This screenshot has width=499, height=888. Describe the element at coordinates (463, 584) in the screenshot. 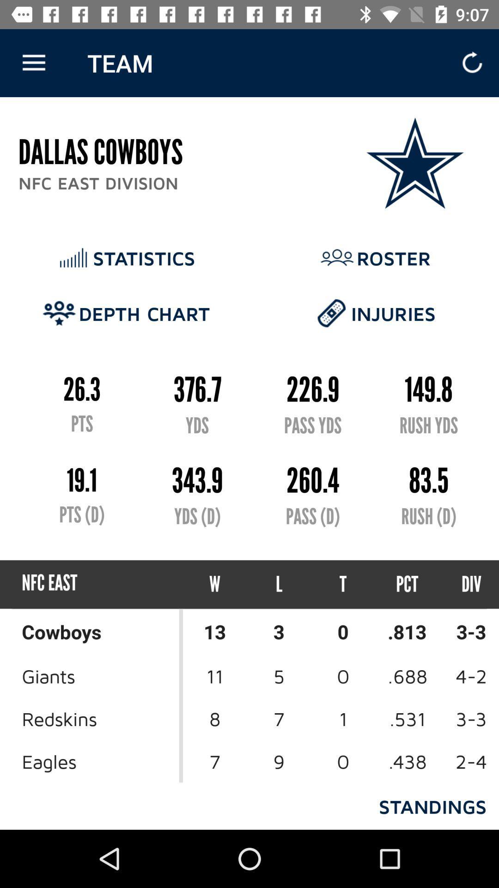

I see `item next to pct icon` at that location.